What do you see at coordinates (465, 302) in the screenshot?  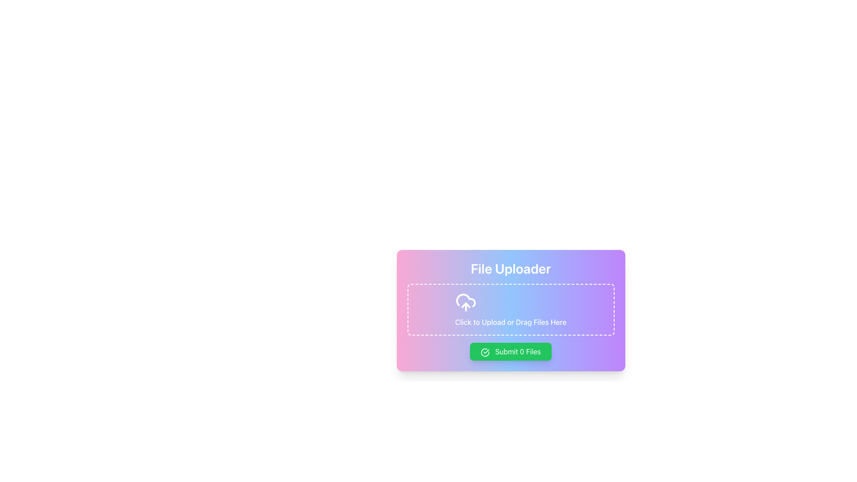 I see `the cloud icon with an upward arrow, which is the top-most component inside the dashed rectangular area of the file uploader section, located above the text 'Click to Upload or Drag Files Here.'` at bounding box center [465, 302].